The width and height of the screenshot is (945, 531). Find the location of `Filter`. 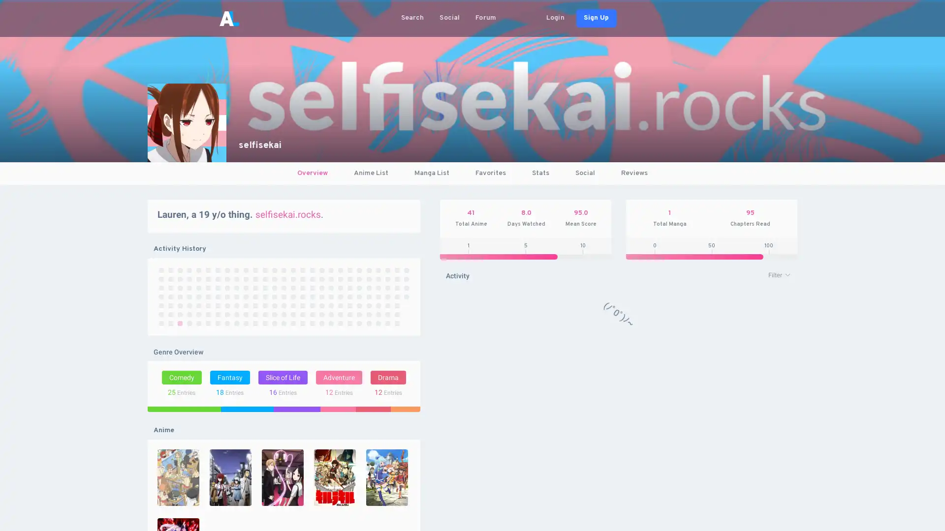

Filter is located at coordinates (779, 275).